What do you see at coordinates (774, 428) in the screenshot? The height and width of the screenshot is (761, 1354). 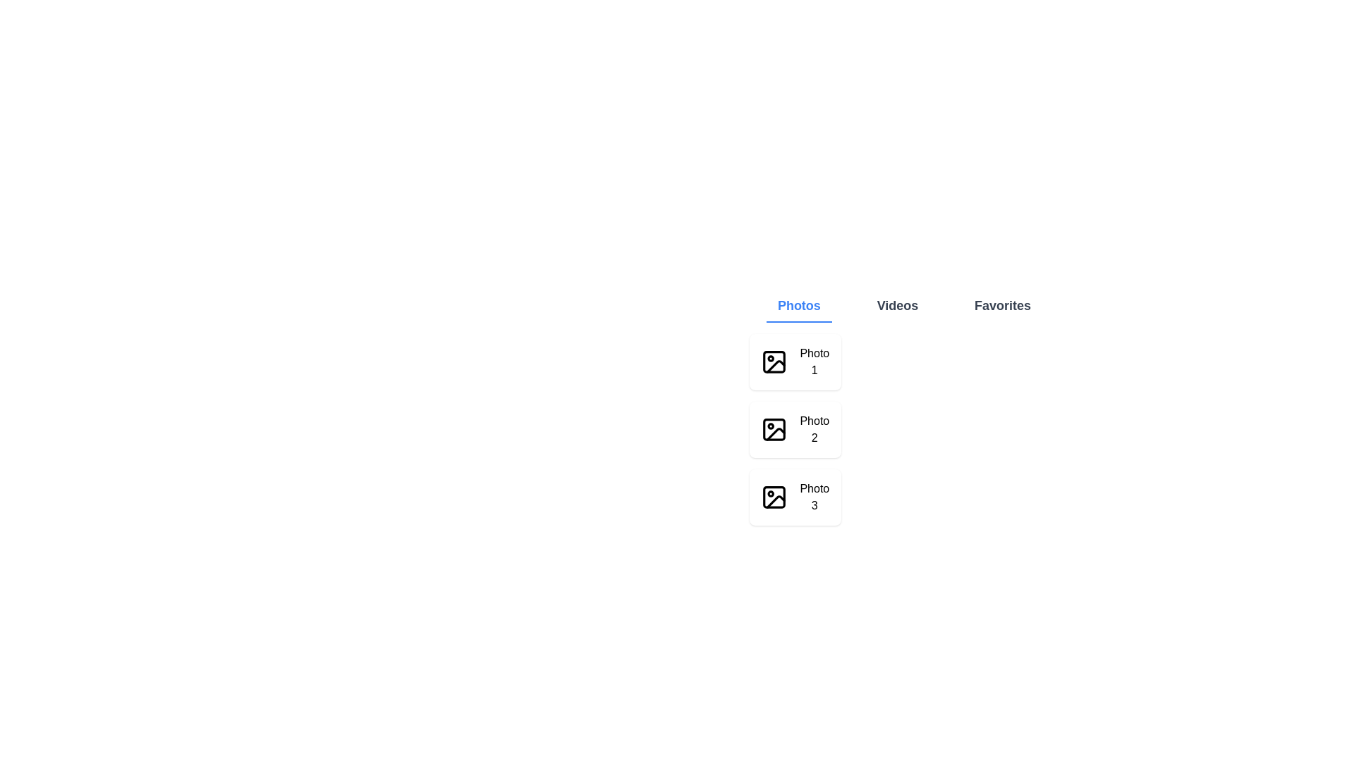 I see `the SVG rectangle icon representing a photo thumbnail located under the 'Photo 2' label in the second row of the list` at bounding box center [774, 428].